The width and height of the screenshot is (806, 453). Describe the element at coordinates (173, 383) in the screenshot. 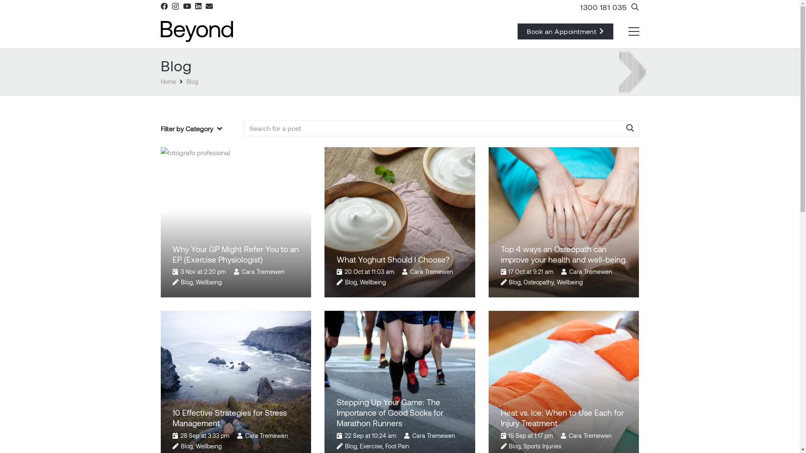

I see `'Our team'` at that location.